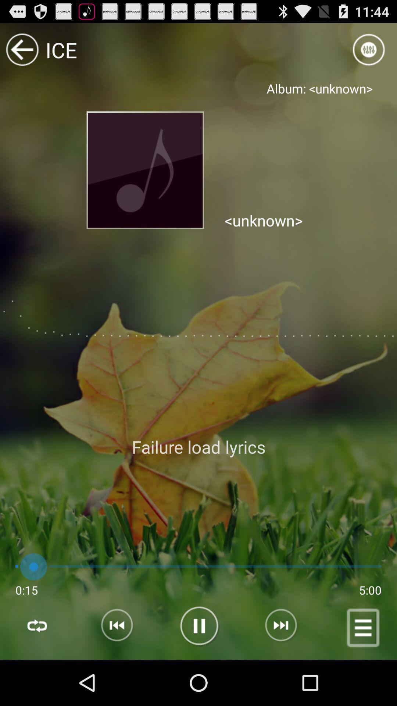 The image size is (397, 706). Describe the element at coordinates (198, 673) in the screenshot. I see `the pause icon` at that location.